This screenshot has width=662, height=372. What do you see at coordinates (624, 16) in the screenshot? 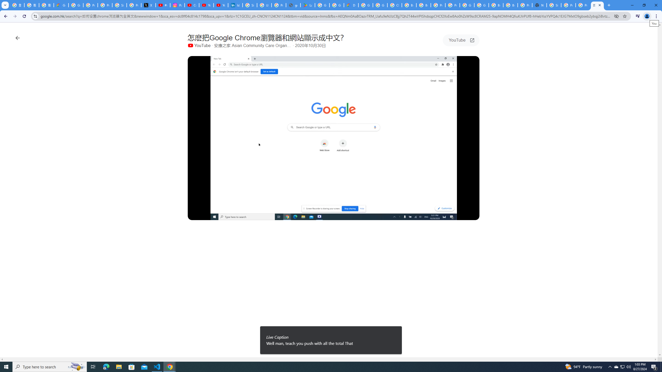
I see `'Bookmark this tab'` at bounding box center [624, 16].